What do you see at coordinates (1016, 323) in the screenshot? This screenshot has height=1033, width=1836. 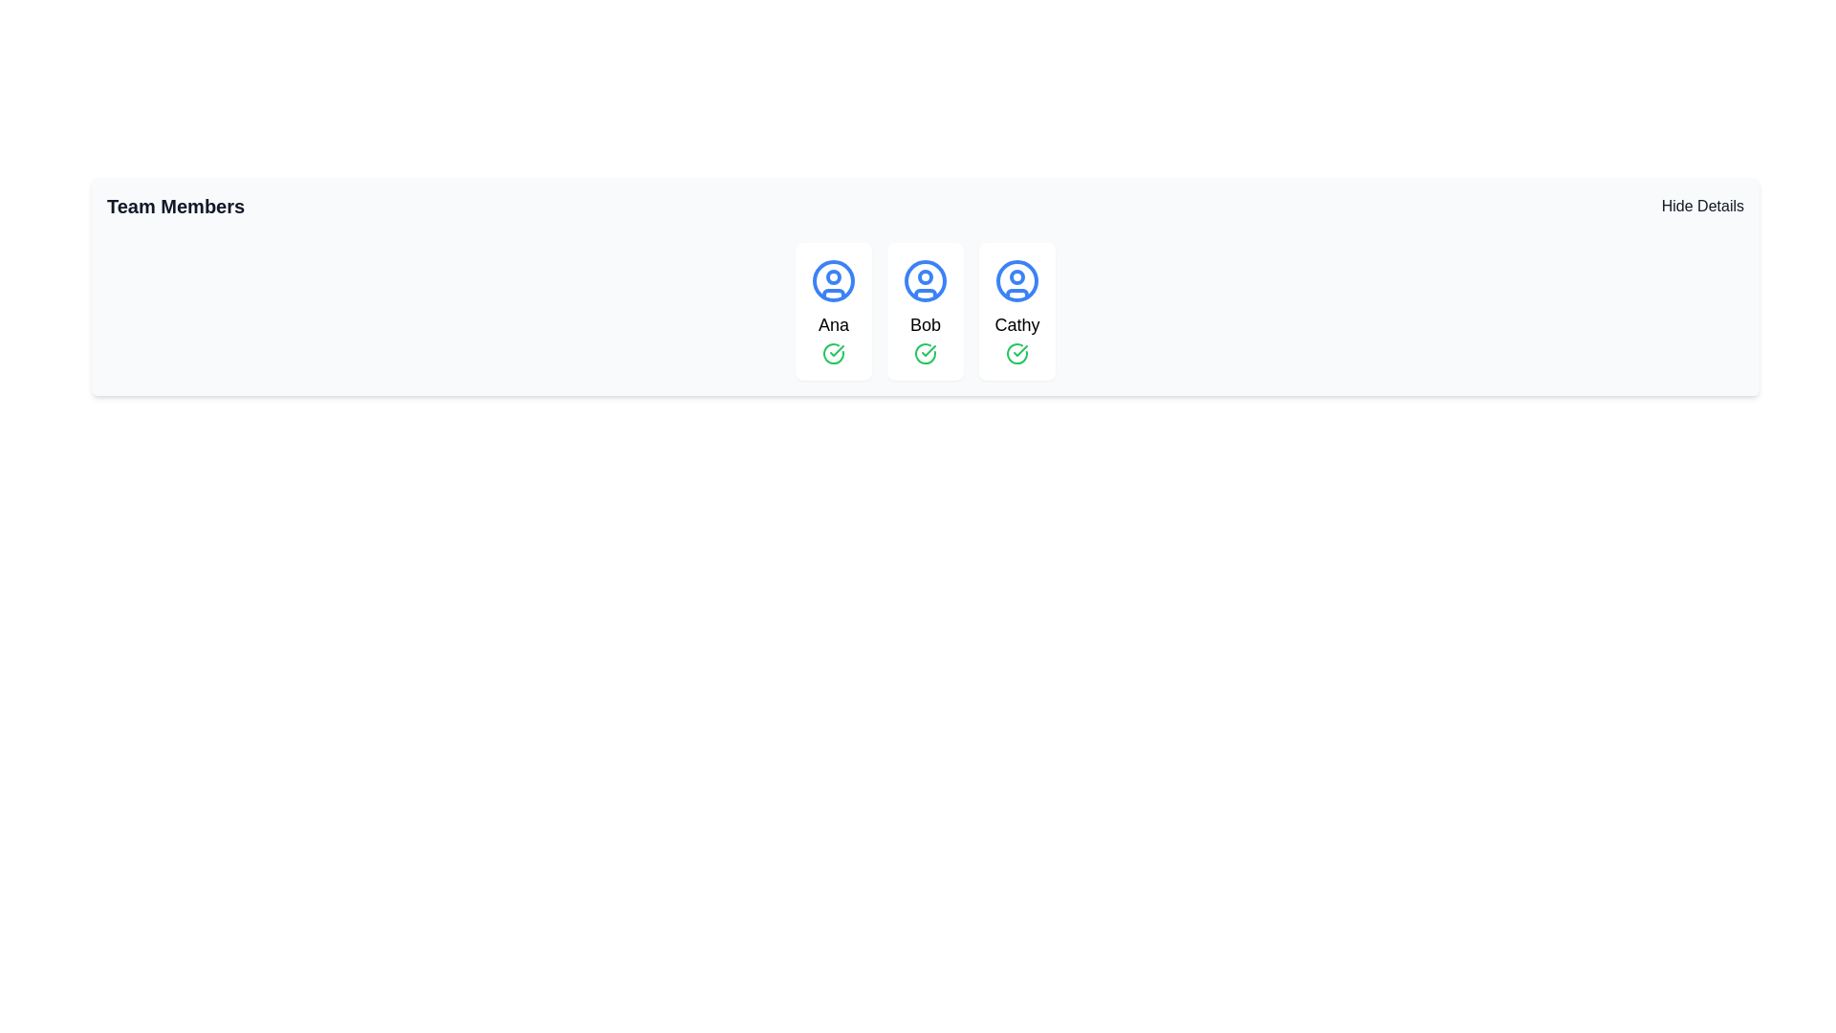 I see `displayed text of the label indicating the user named 'Cathy' located within the third card, centered below the blue user icon` at bounding box center [1016, 323].